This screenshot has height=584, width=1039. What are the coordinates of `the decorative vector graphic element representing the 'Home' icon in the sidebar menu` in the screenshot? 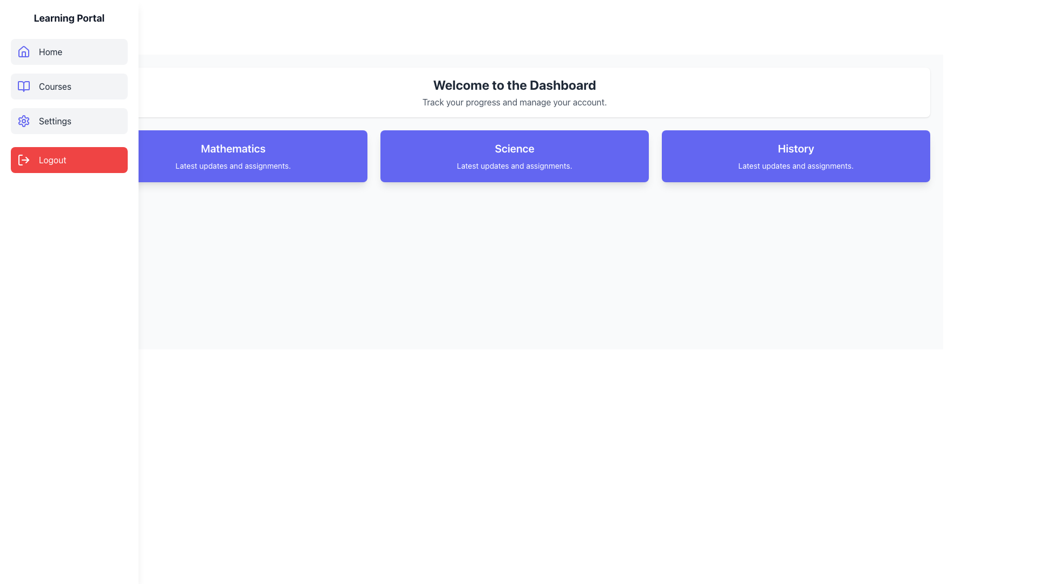 It's located at (23, 54).